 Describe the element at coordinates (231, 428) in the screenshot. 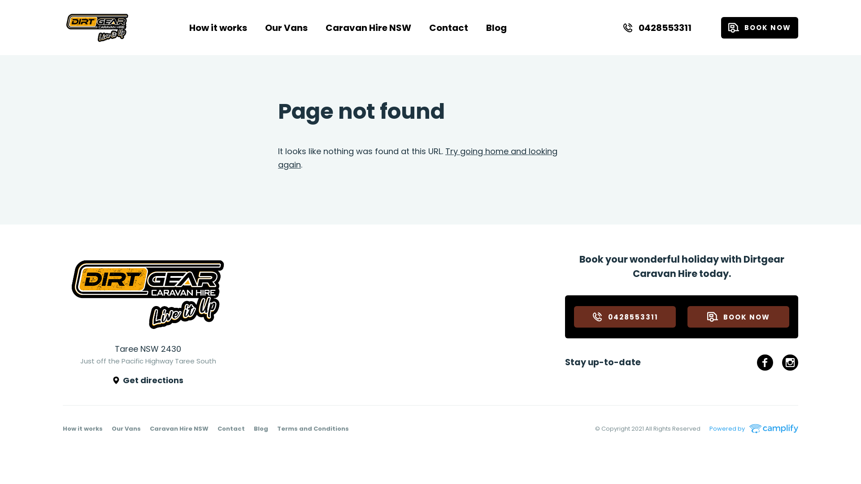

I see `'Contact'` at that location.